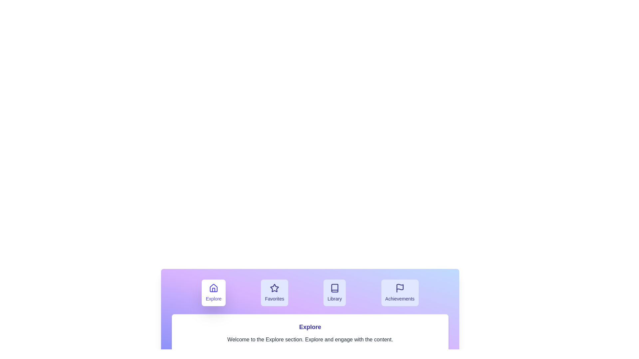 This screenshot has width=639, height=359. I want to click on the Favorites tab by clicking its button, so click(275, 292).